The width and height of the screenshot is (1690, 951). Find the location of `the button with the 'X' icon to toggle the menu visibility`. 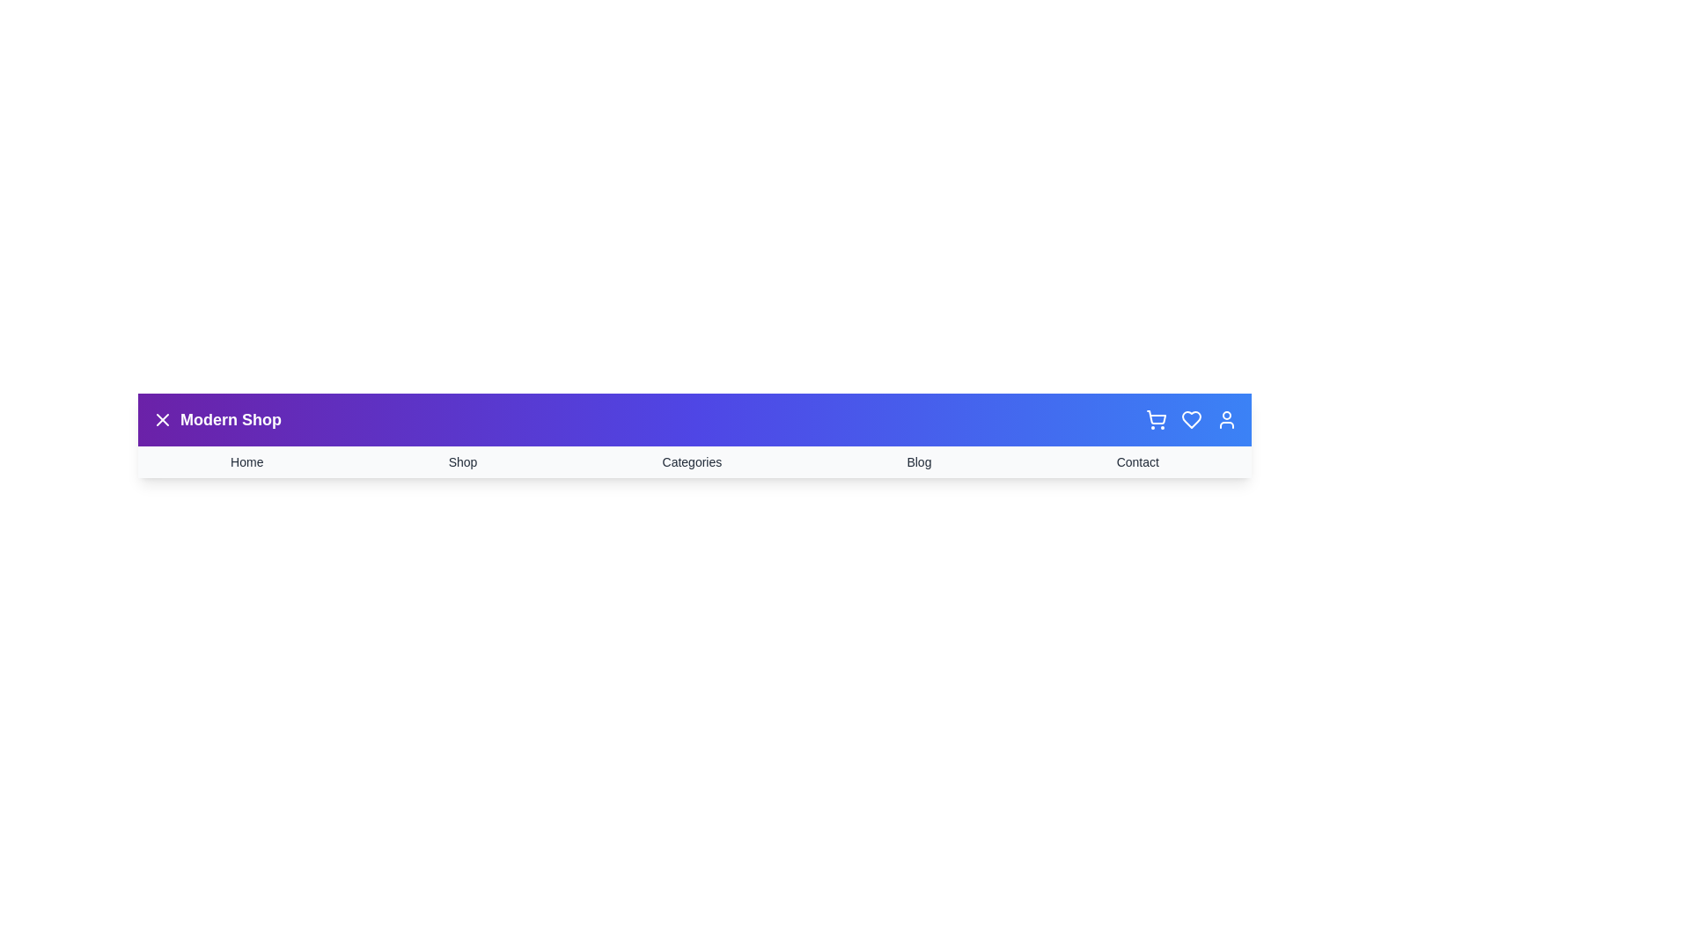

the button with the 'X' icon to toggle the menu visibility is located at coordinates (163, 420).